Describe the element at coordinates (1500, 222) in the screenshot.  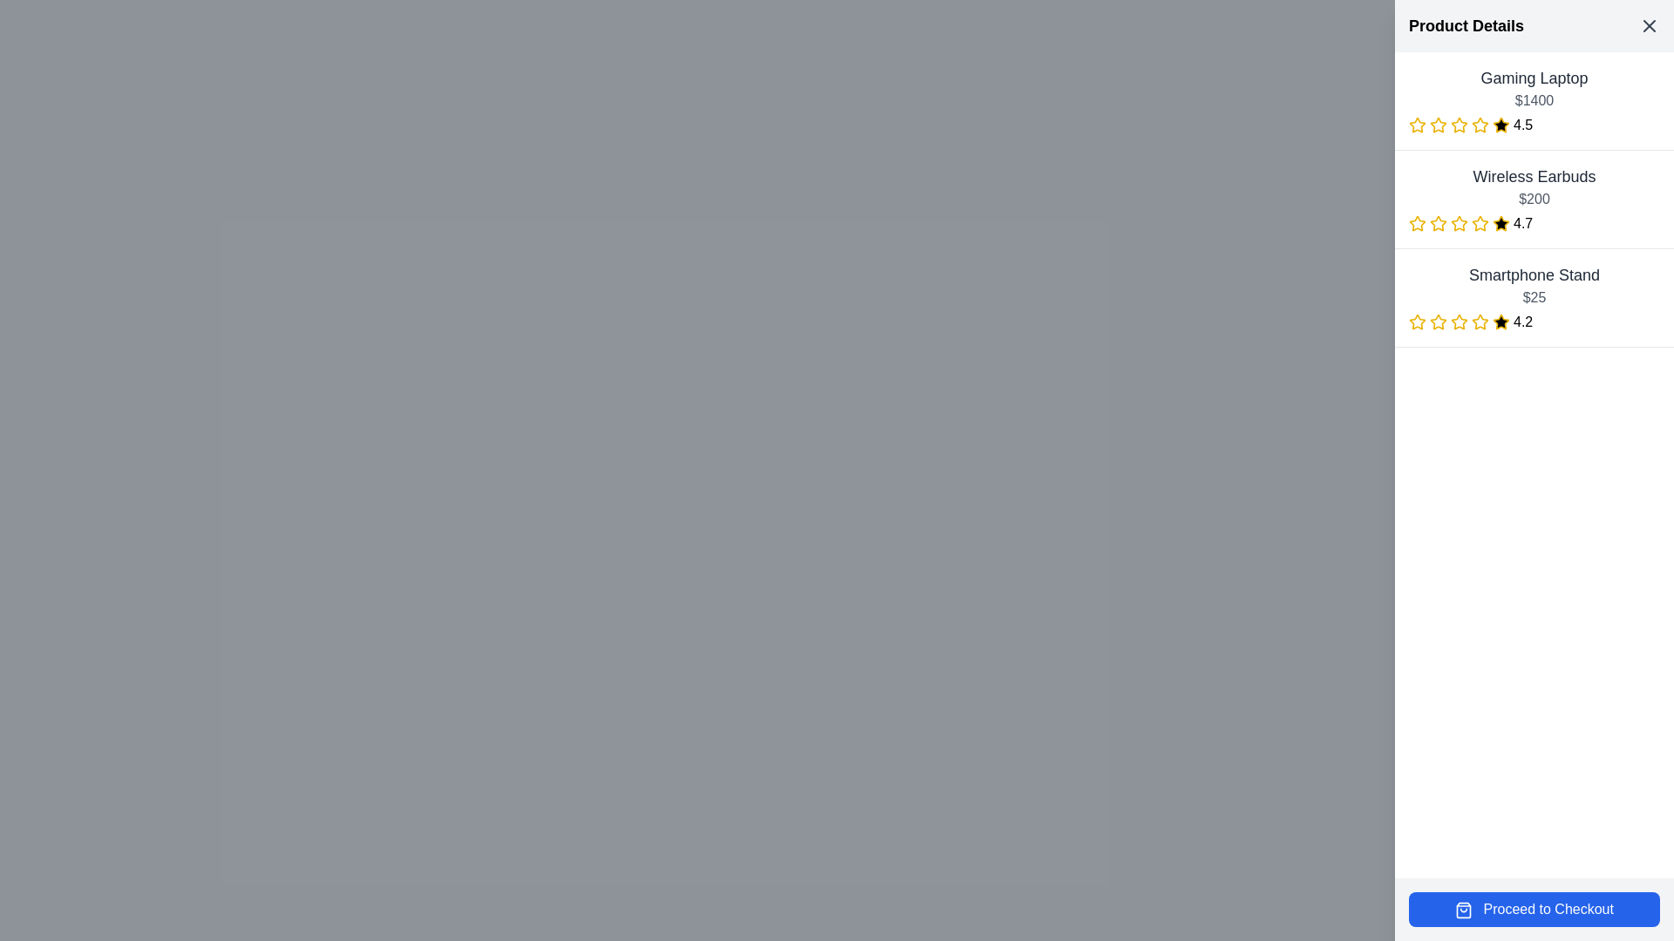
I see `the fourth star icon in the second row of the rating system` at that location.